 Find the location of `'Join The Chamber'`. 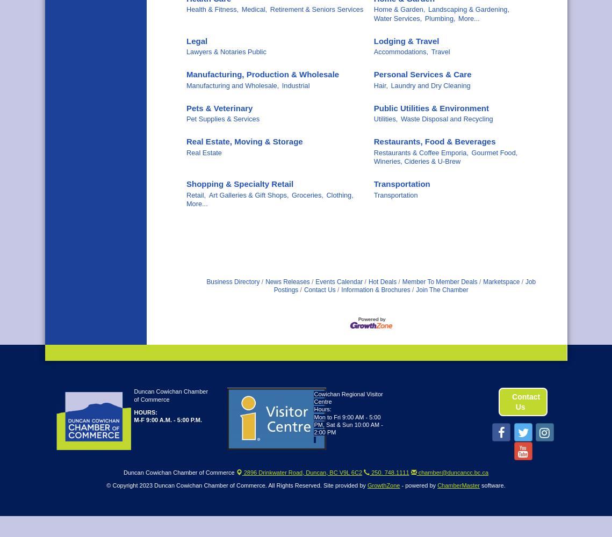

'Join The Chamber' is located at coordinates (442, 290).